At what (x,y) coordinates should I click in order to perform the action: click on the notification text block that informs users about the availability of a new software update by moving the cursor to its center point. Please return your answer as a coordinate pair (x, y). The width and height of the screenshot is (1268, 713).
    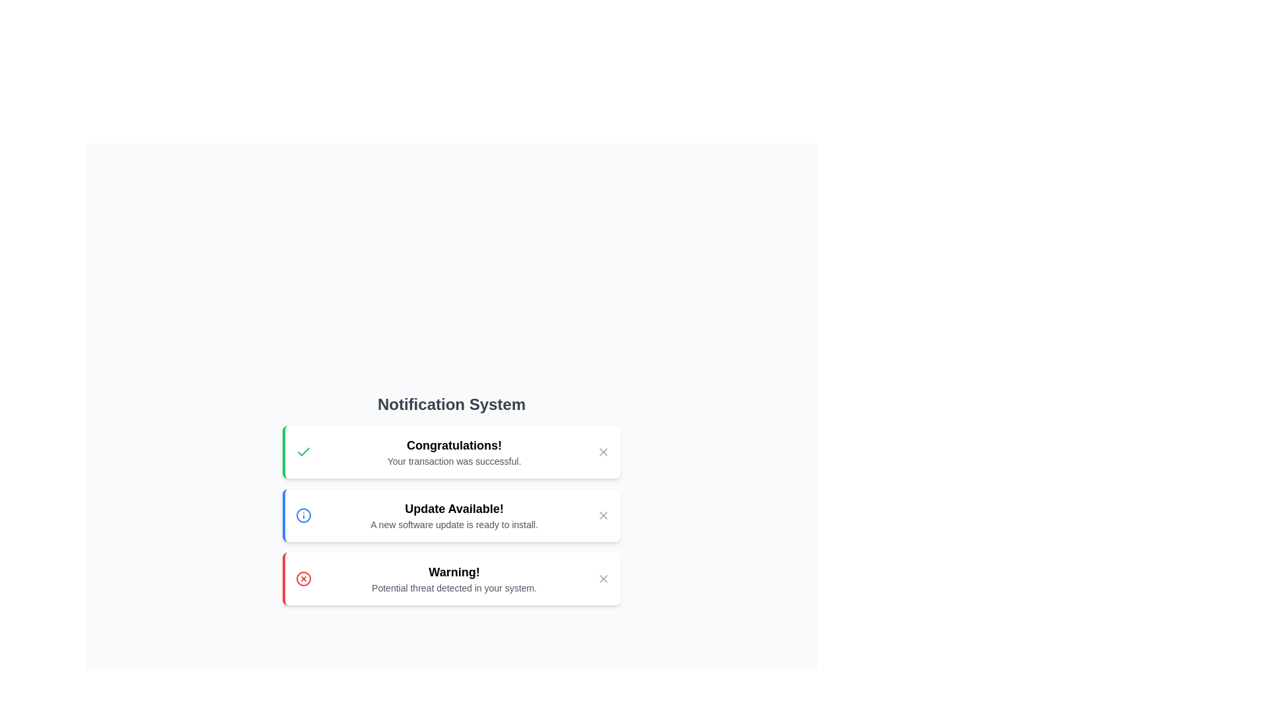
    Looking at the image, I should click on (454, 514).